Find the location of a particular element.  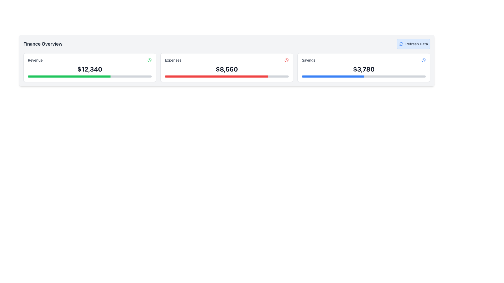

the small red-colored chart icon at the top-right corner of the 'Expenses' section, which resembles a pie chart is located at coordinates (286, 60).